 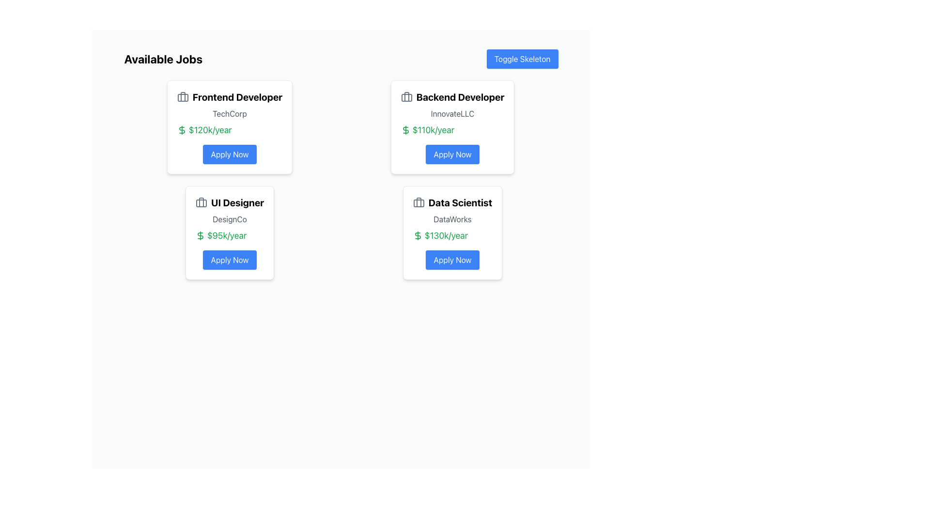 What do you see at coordinates (229, 235) in the screenshot?
I see `salary information displayed as '$95k/year' in green text within the second card under the job title 'UI Designer' at DesignCo, located above the 'Apply Now' button` at bounding box center [229, 235].